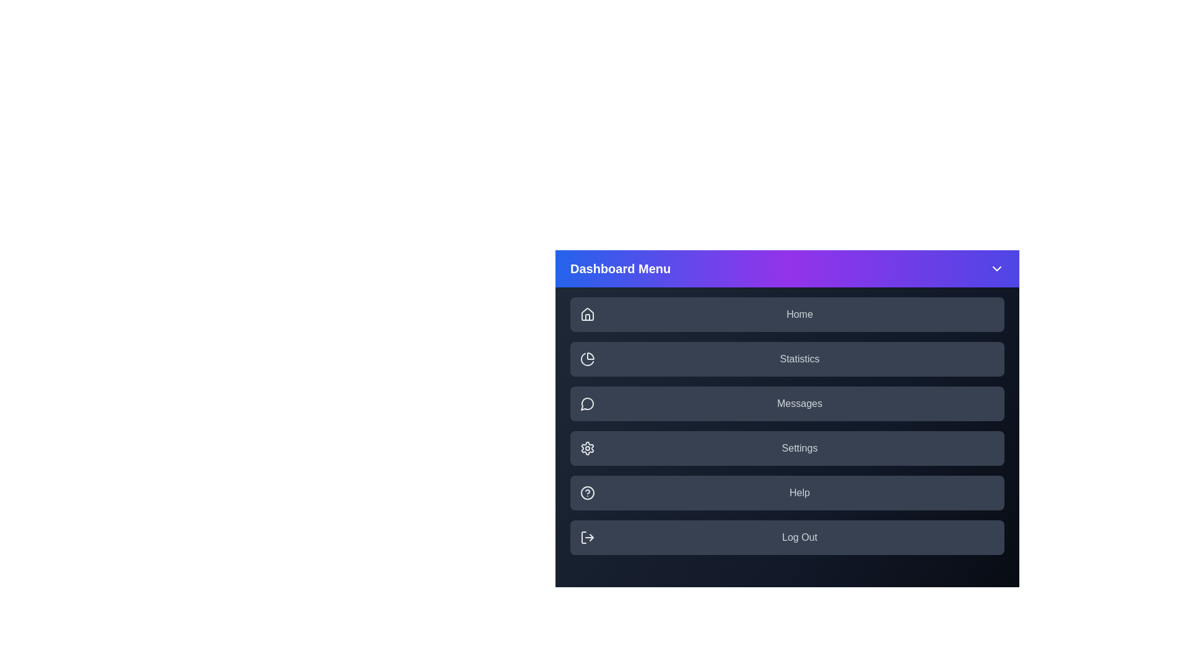 This screenshot has width=1189, height=669. Describe the element at coordinates (786, 492) in the screenshot. I see `the menu item labeled Help` at that location.